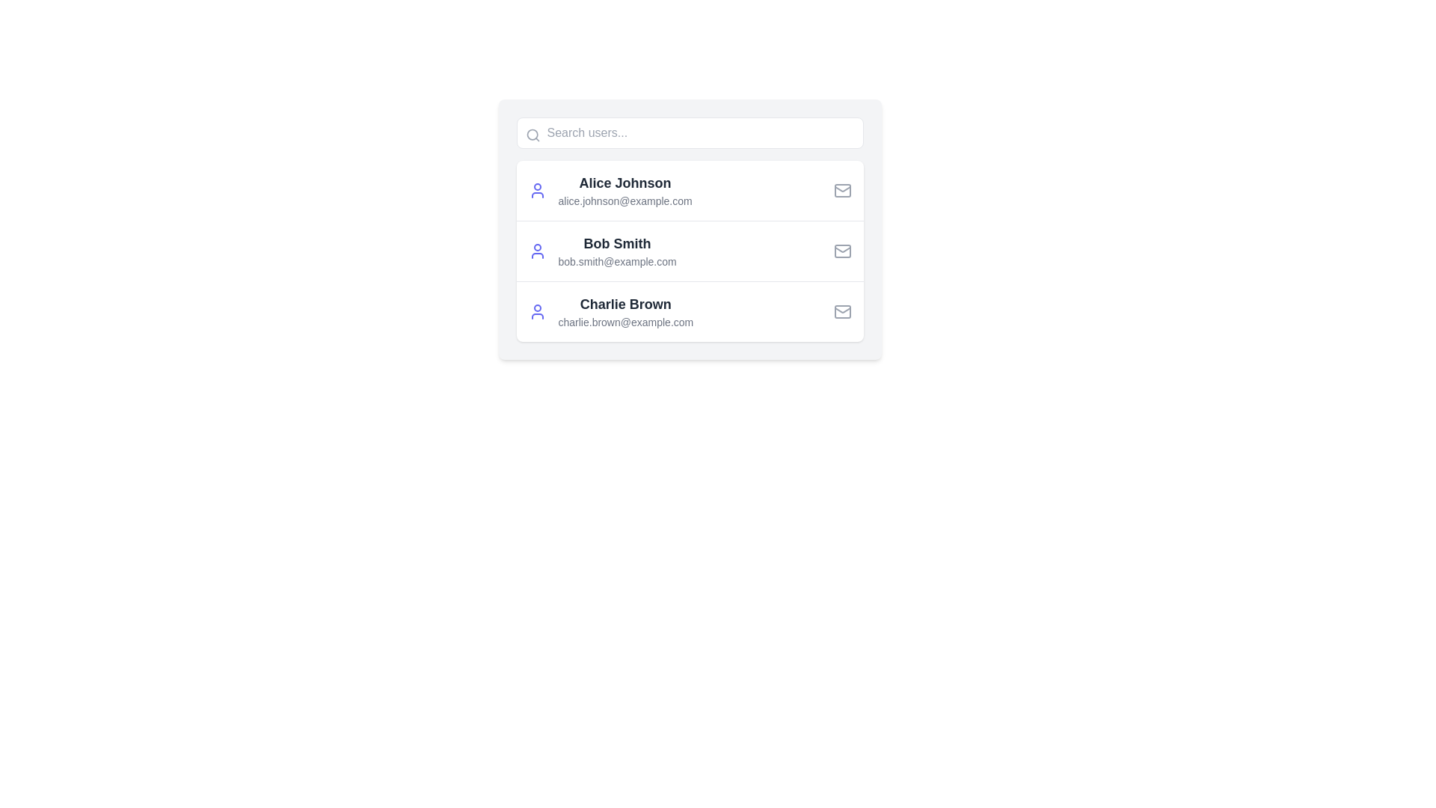 The image size is (1436, 808). I want to click on the mail icon located at the rightmost corner of the entry for 'Alice Johnson', so click(842, 189).